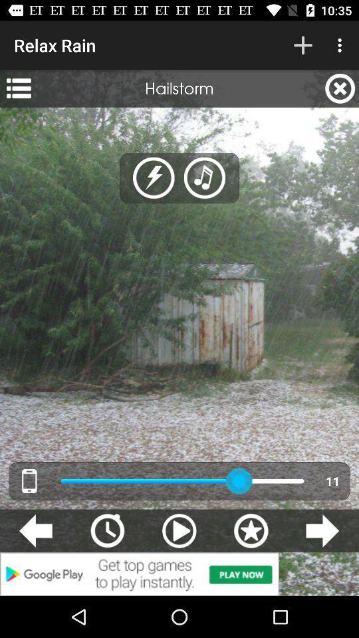 Image resolution: width=359 pixels, height=638 pixels. Describe the element at coordinates (18, 88) in the screenshot. I see `the list icon` at that location.